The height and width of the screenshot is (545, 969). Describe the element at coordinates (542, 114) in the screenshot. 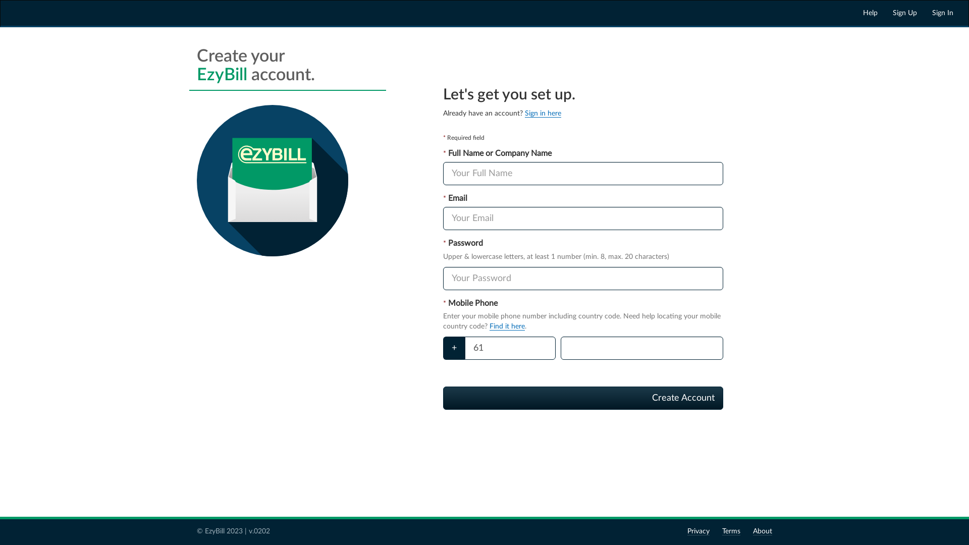

I see `'Sign in here'` at that location.